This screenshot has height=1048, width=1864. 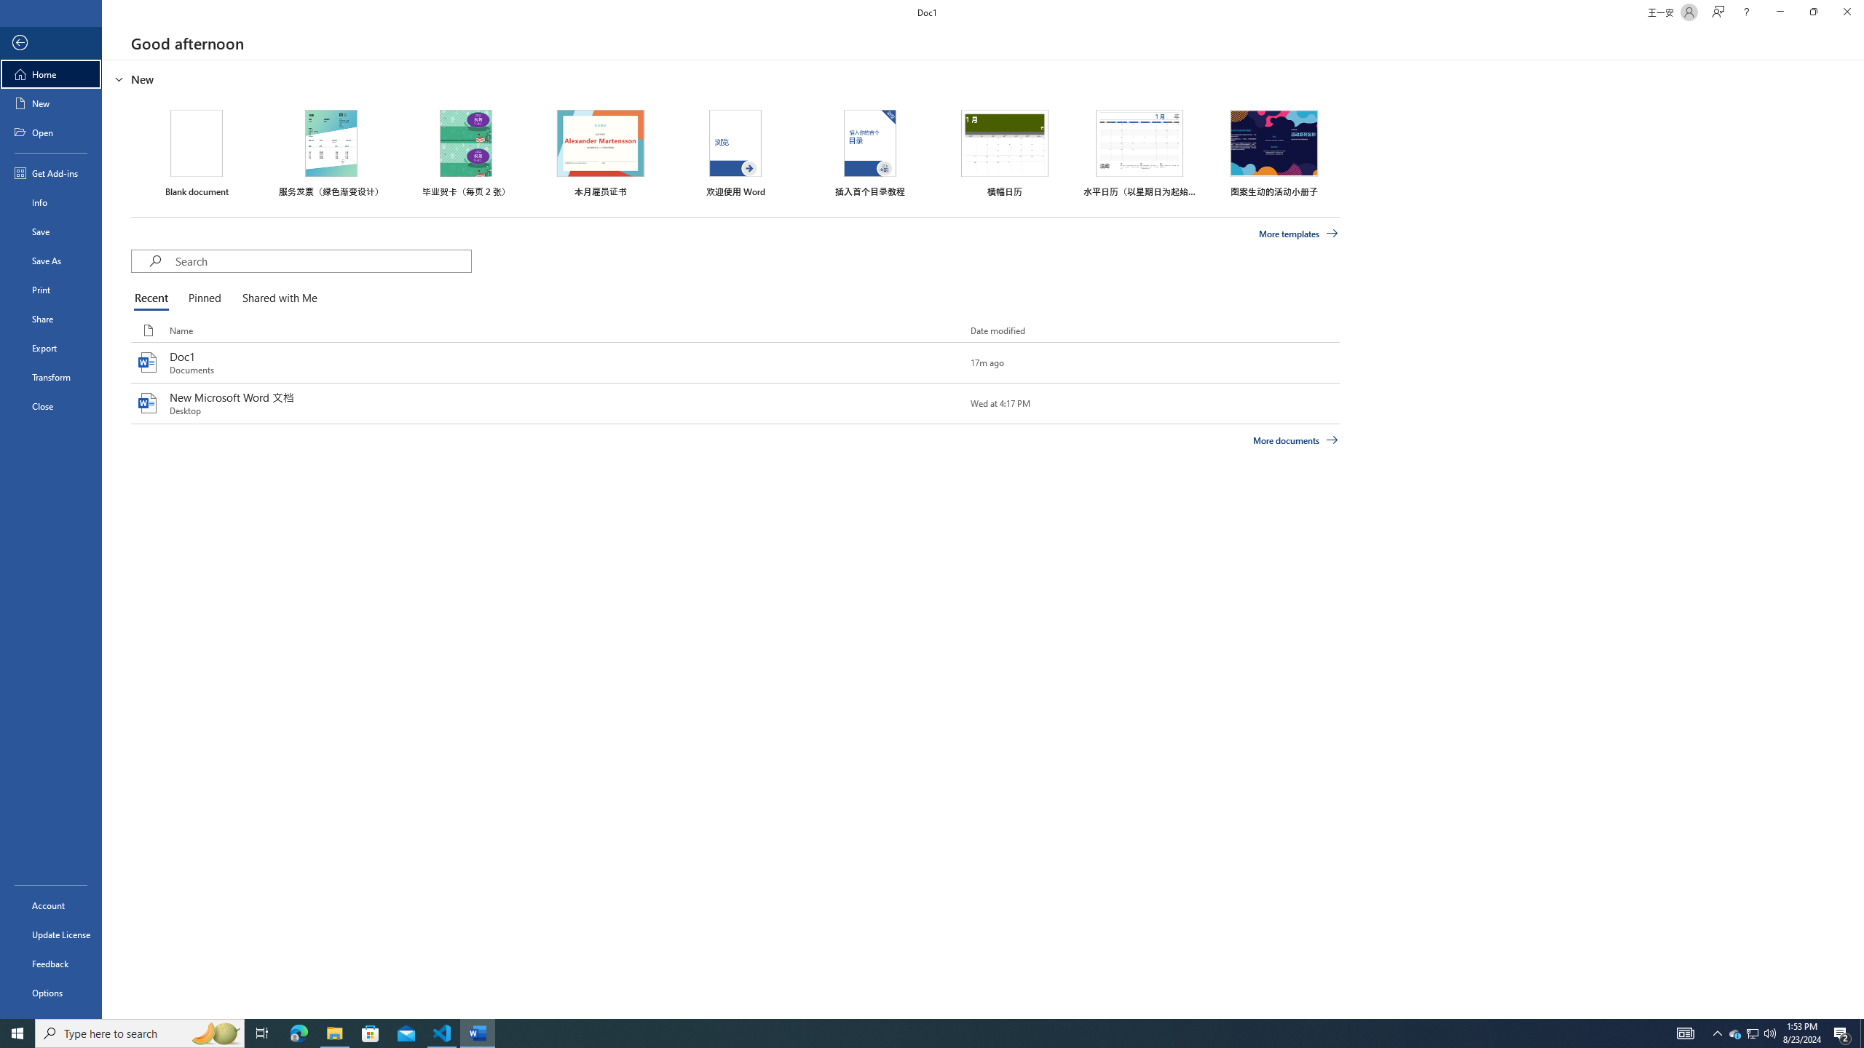 I want to click on 'Restore Down', so click(x=1813, y=12).